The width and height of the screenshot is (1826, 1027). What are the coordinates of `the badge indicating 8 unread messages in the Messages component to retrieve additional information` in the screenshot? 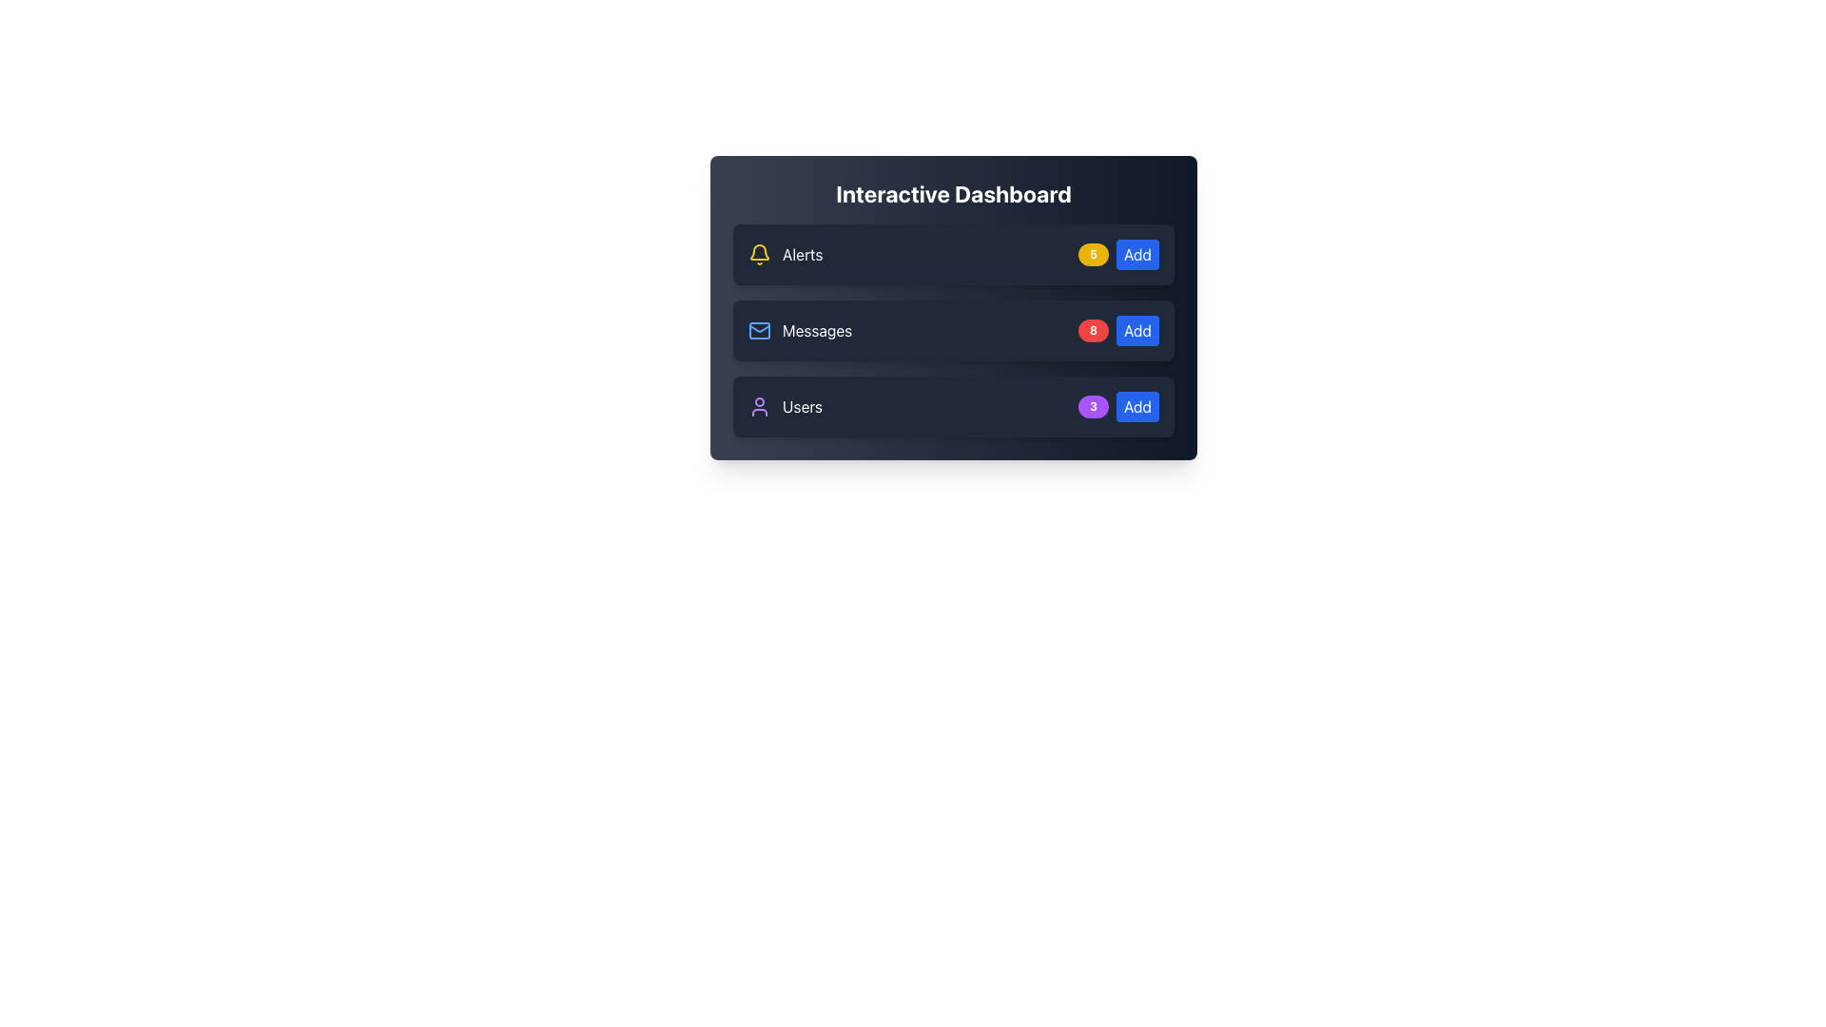 It's located at (954, 329).